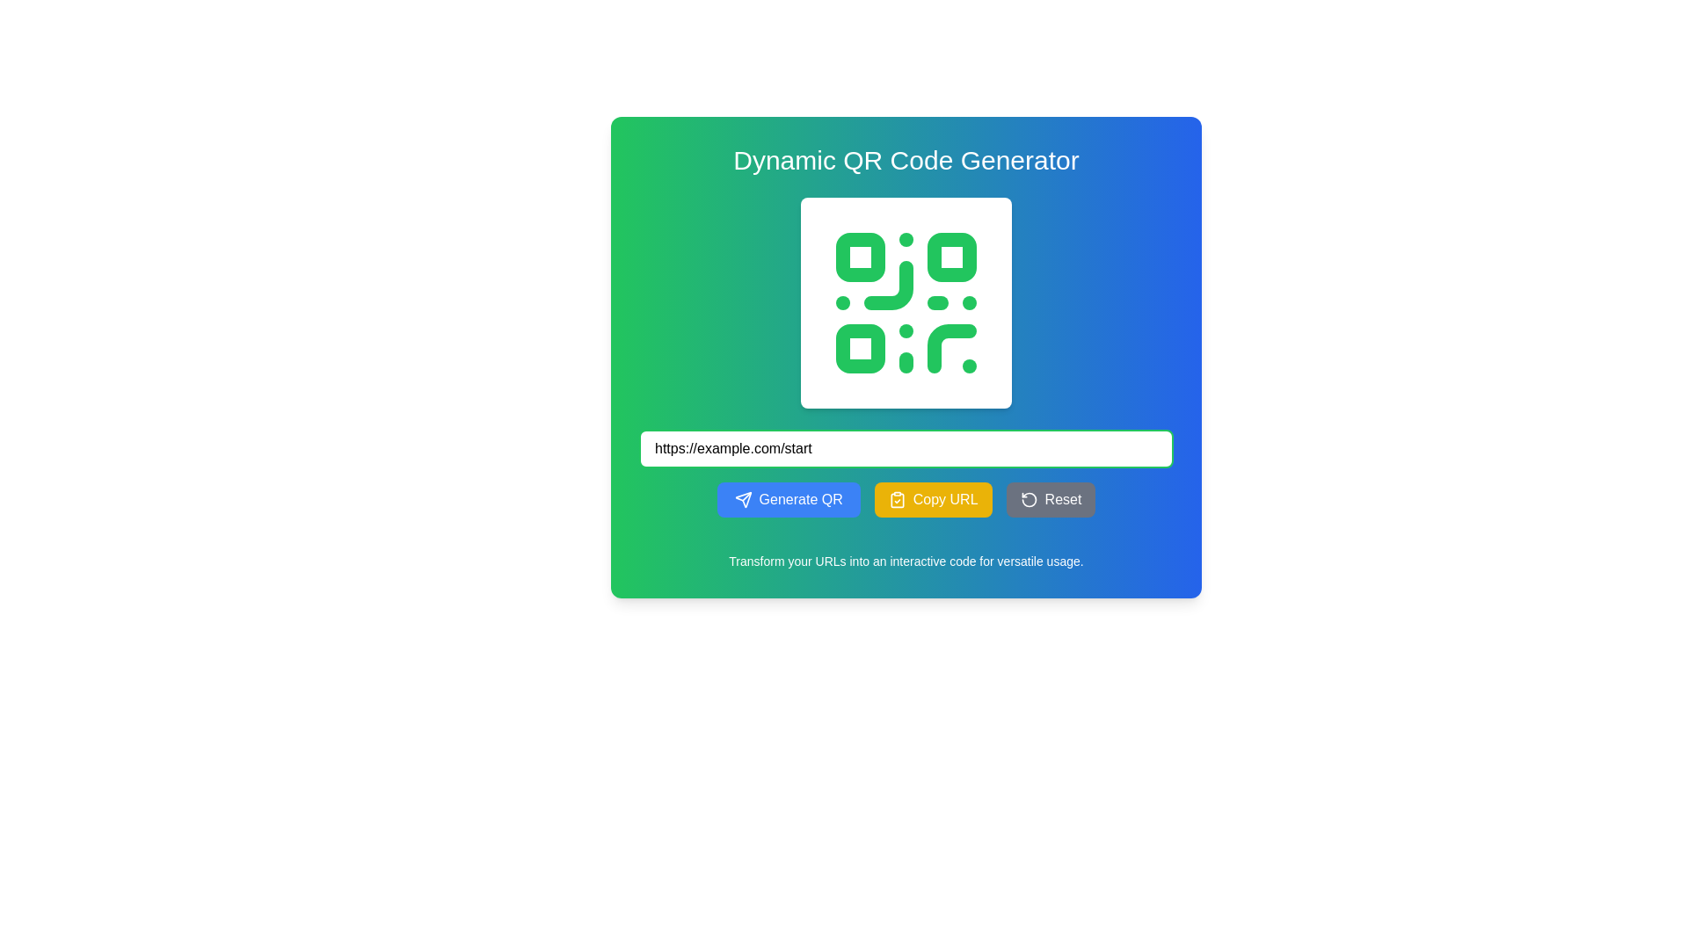  What do you see at coordinates (1051, 500) in the screenshot?
I see `the 'Reset' button, which is styled with a rectangular shape, rounded corners, and contains white bold text along with a counter-clockwise rotation icon, to reset the input or state` at bounding box center [1051, 500].